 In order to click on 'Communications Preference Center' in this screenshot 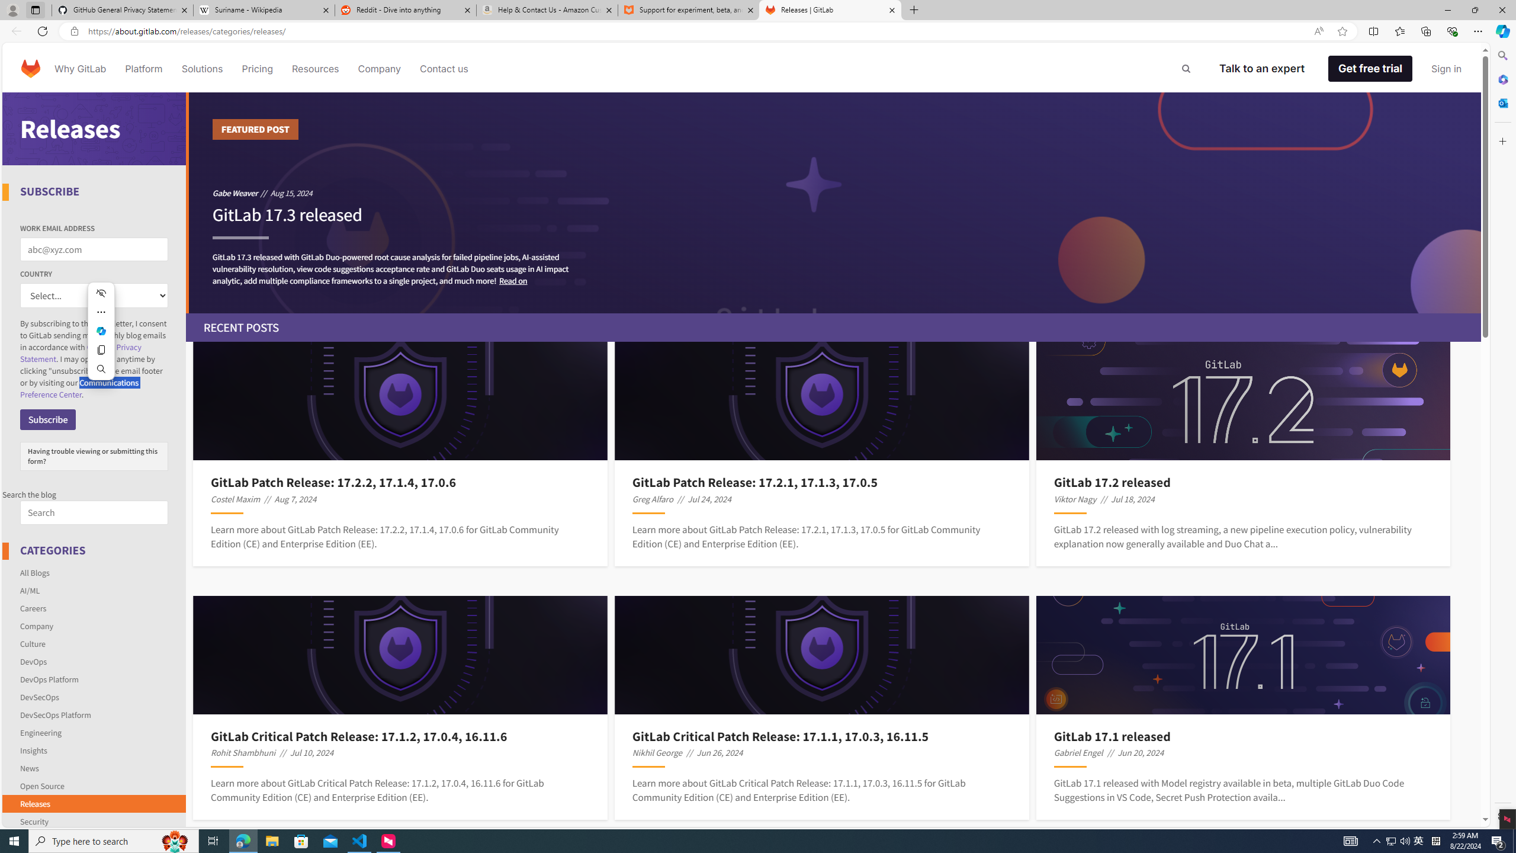, I will do `click(79, 387)`.